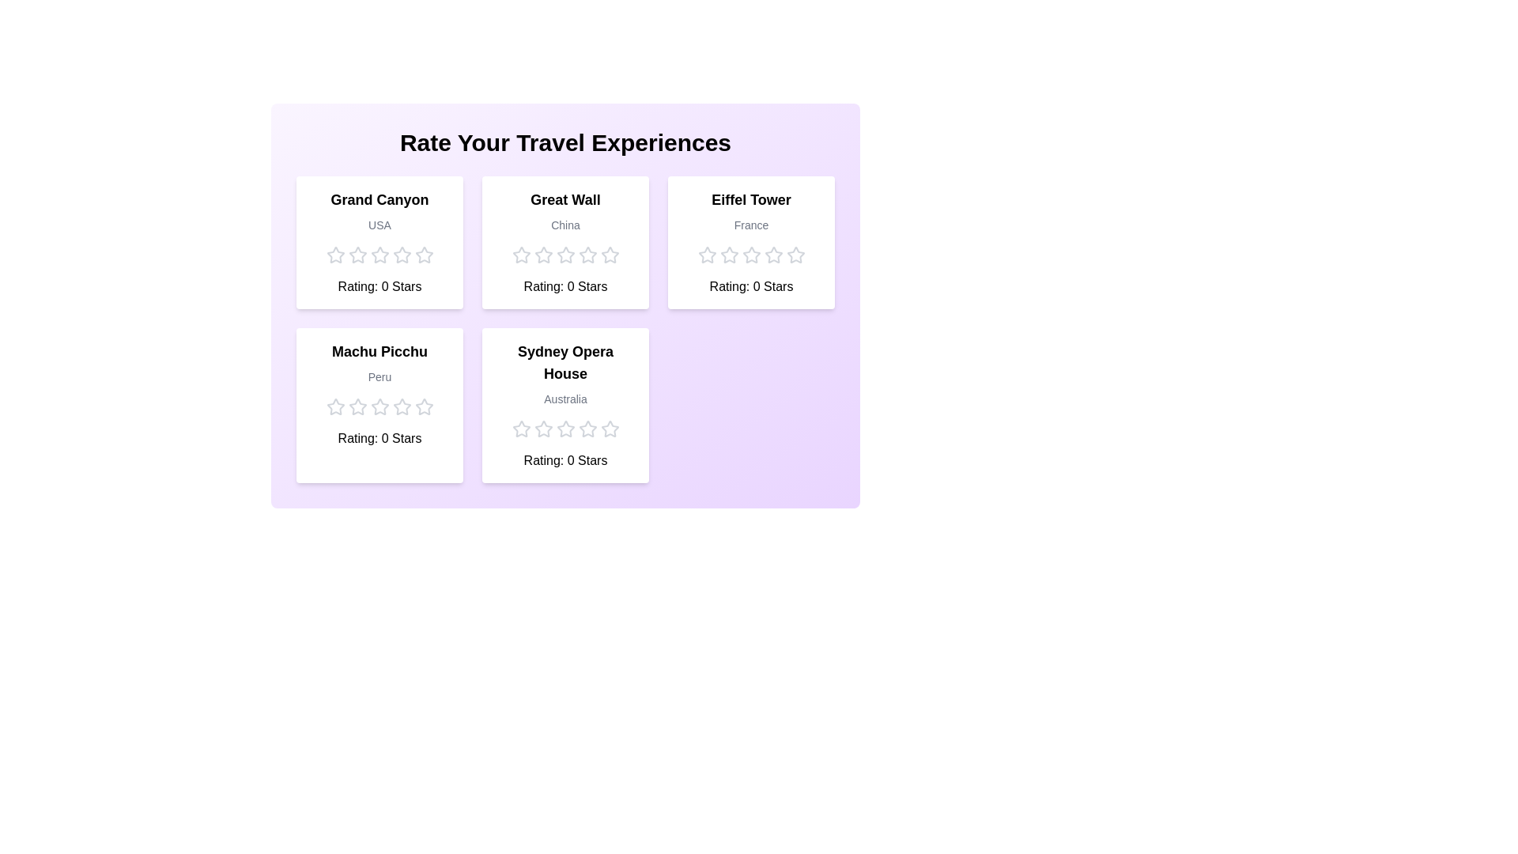 The height and width of the screenshot is (854, 1518). What do you see at coordinates (379, 255) in the screenshot?
I see `the star icon to visualize the rating for 3 stars` at bounding box center [379, 255].